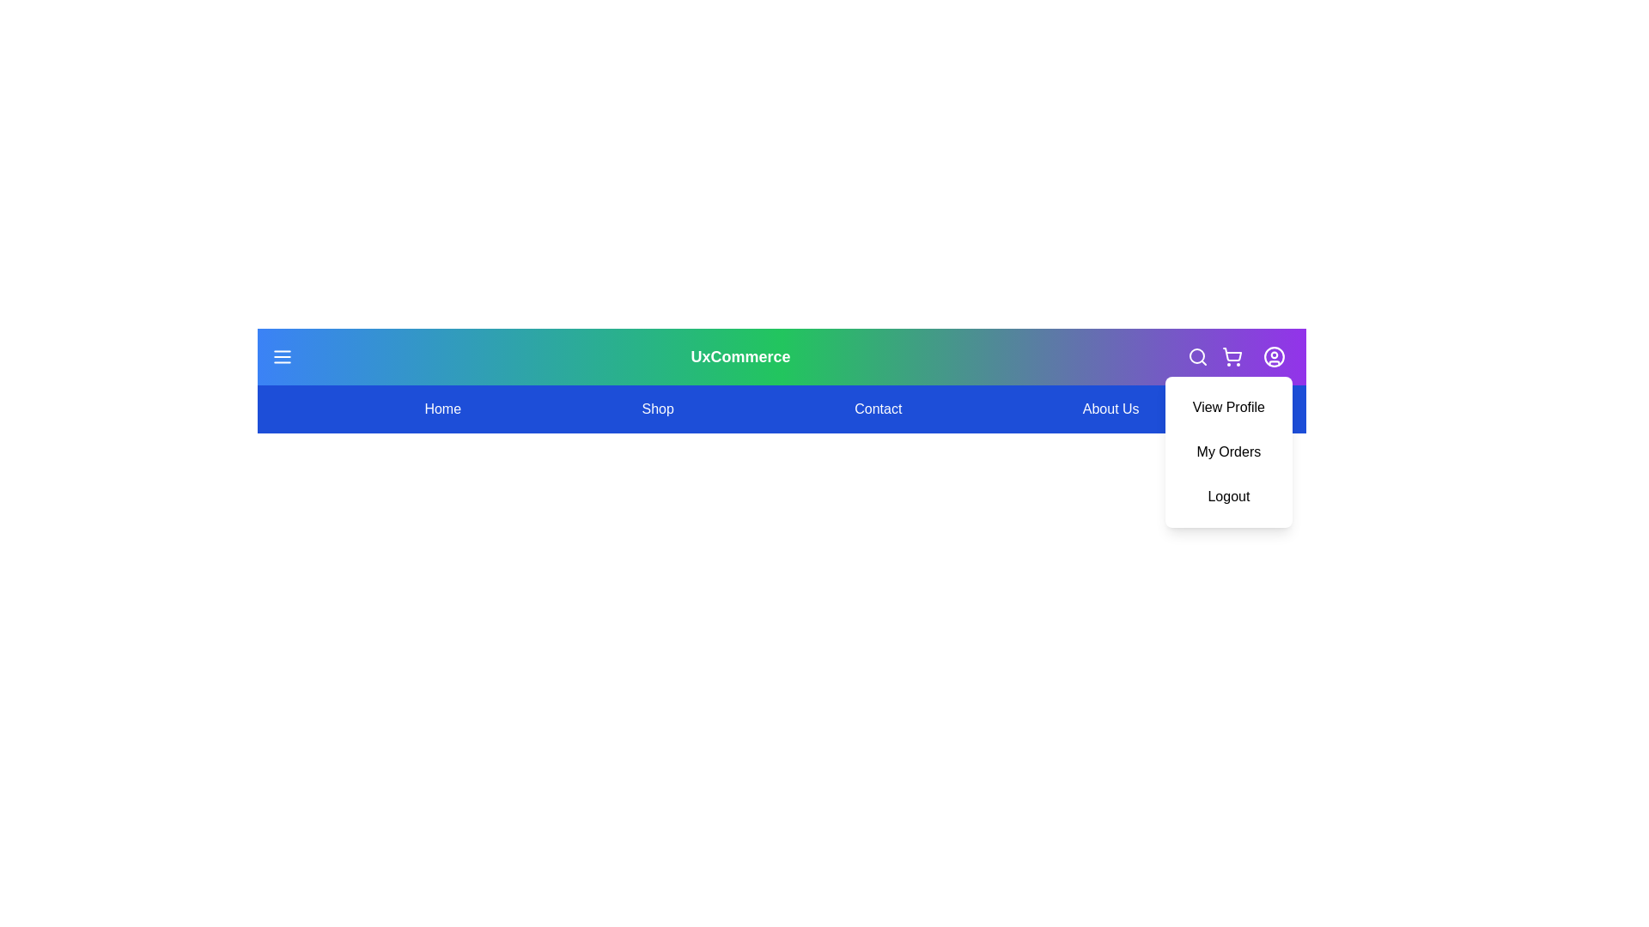 The height and width of the screenshot is (927, 1649). What do you see at coordinates (1232, 356) in the screenshot?
I see `the shopping cart icon to view the cart` at bounding box center [1232, 356].